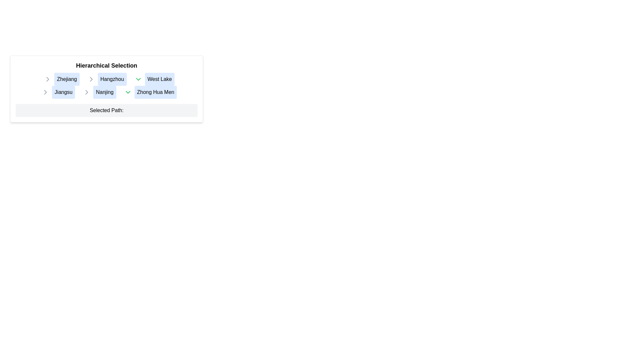 The image size is (624, 351). What do you see at coordinates (109, 92) in the screenshot?
I see `the button labeled 'Nanjing' in the hierarchical selection interface` at bounding box center [109, 92].